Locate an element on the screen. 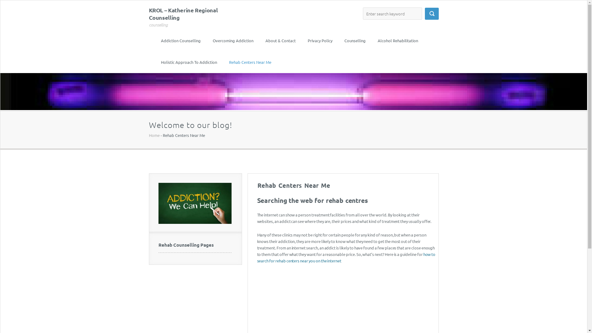 Image resolution: width=592 pixels, height=333 pixels. 'Alcohol Rehabilitation' is located at coordinates (377, 40).